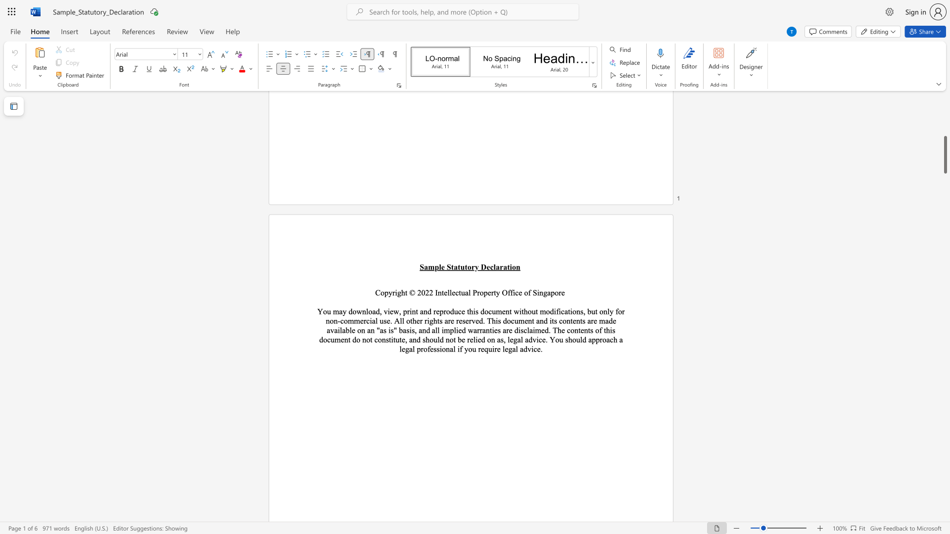  Describe the element at coordinates (945, 217) in the screenshot. I see `the scrollbar on the right to move the page upward` at that location.